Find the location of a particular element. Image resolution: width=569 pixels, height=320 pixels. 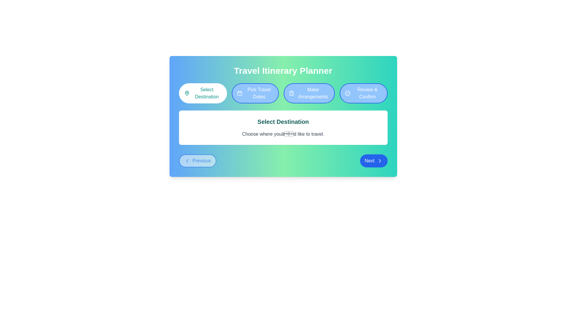

the text label reading 'Choose where you’d like to travel.' which is styled in gray and is part of a card-like section in the center of the application is located at coordinates (283, 134).